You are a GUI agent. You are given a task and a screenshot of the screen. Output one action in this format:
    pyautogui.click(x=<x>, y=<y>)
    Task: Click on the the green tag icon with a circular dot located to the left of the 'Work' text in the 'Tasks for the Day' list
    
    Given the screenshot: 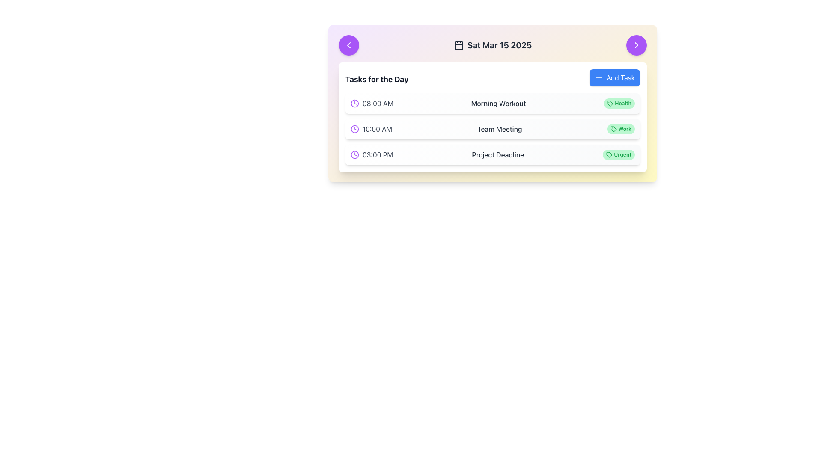 What is the action you would take?
    pyautogui.click(x=613, y=129)
    